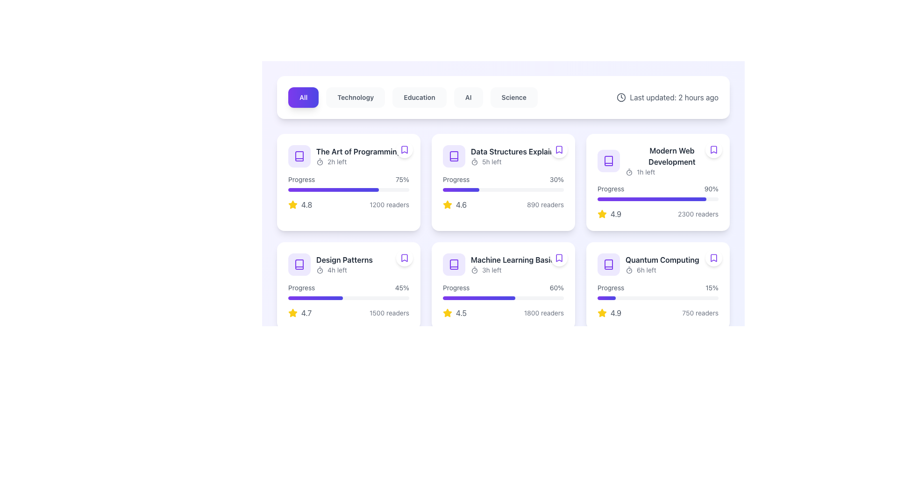  What do you see at coordinates (657, 265) in the screenshot?
I see `the 'Quantum Computing' header text, which is bold and dark grey, located to the right of a violet book icon` at bounding box center [657, 265].